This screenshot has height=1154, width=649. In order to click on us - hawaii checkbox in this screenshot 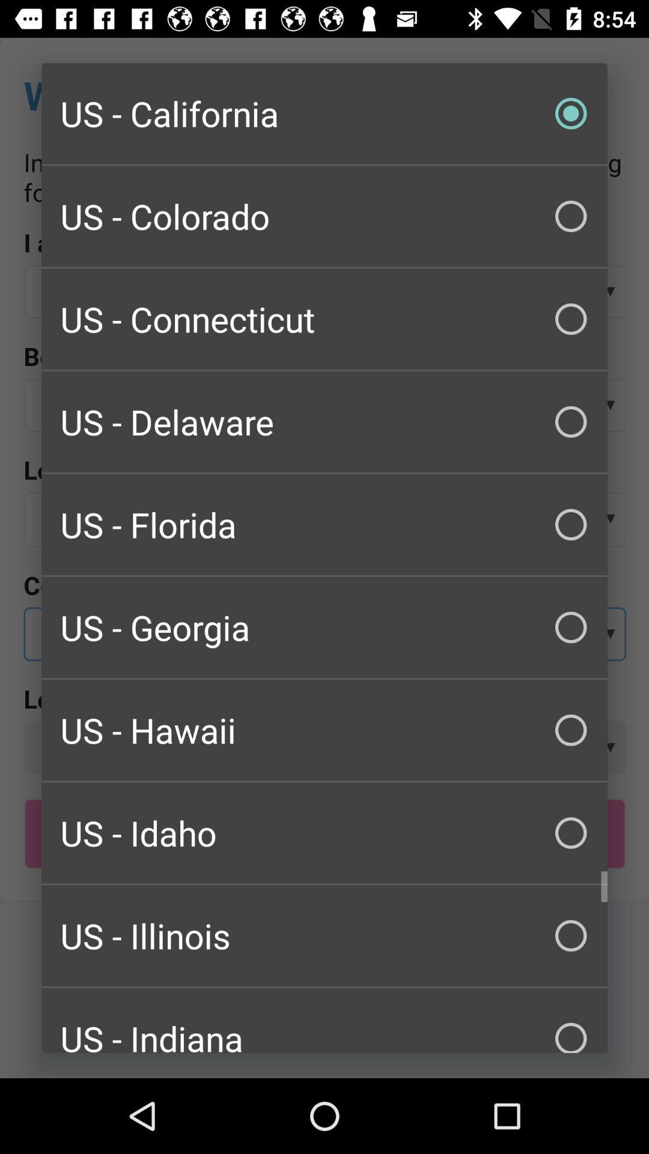, I will do `click(324, 729)`.